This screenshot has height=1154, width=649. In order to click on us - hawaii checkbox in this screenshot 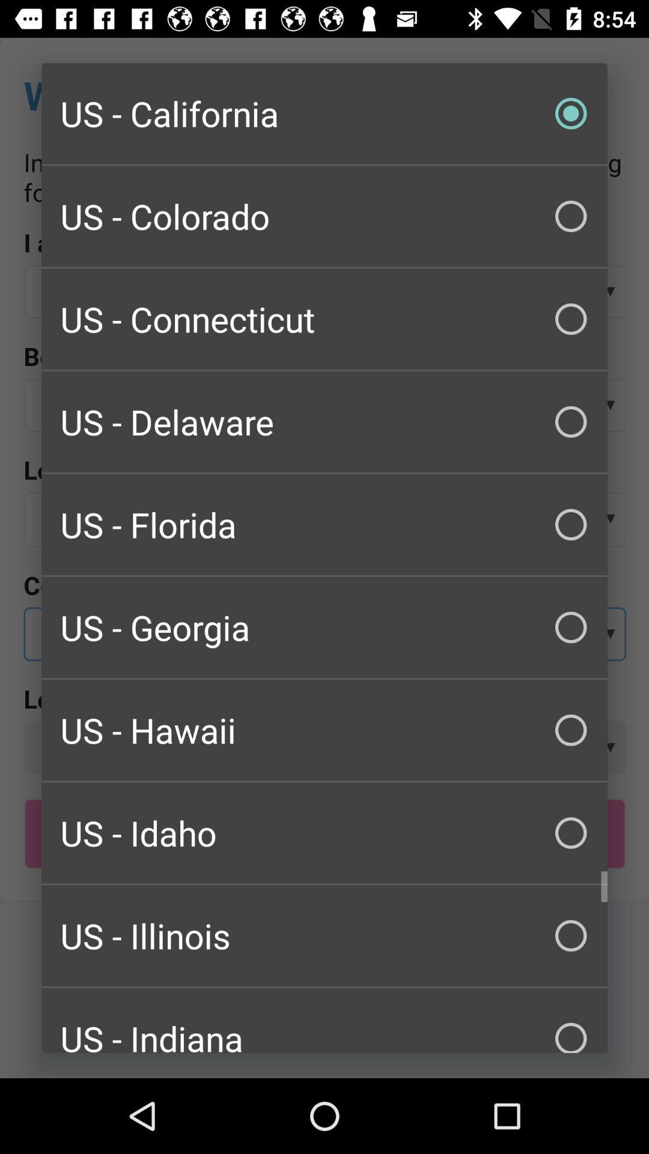, I will do `click(324, 729)`.